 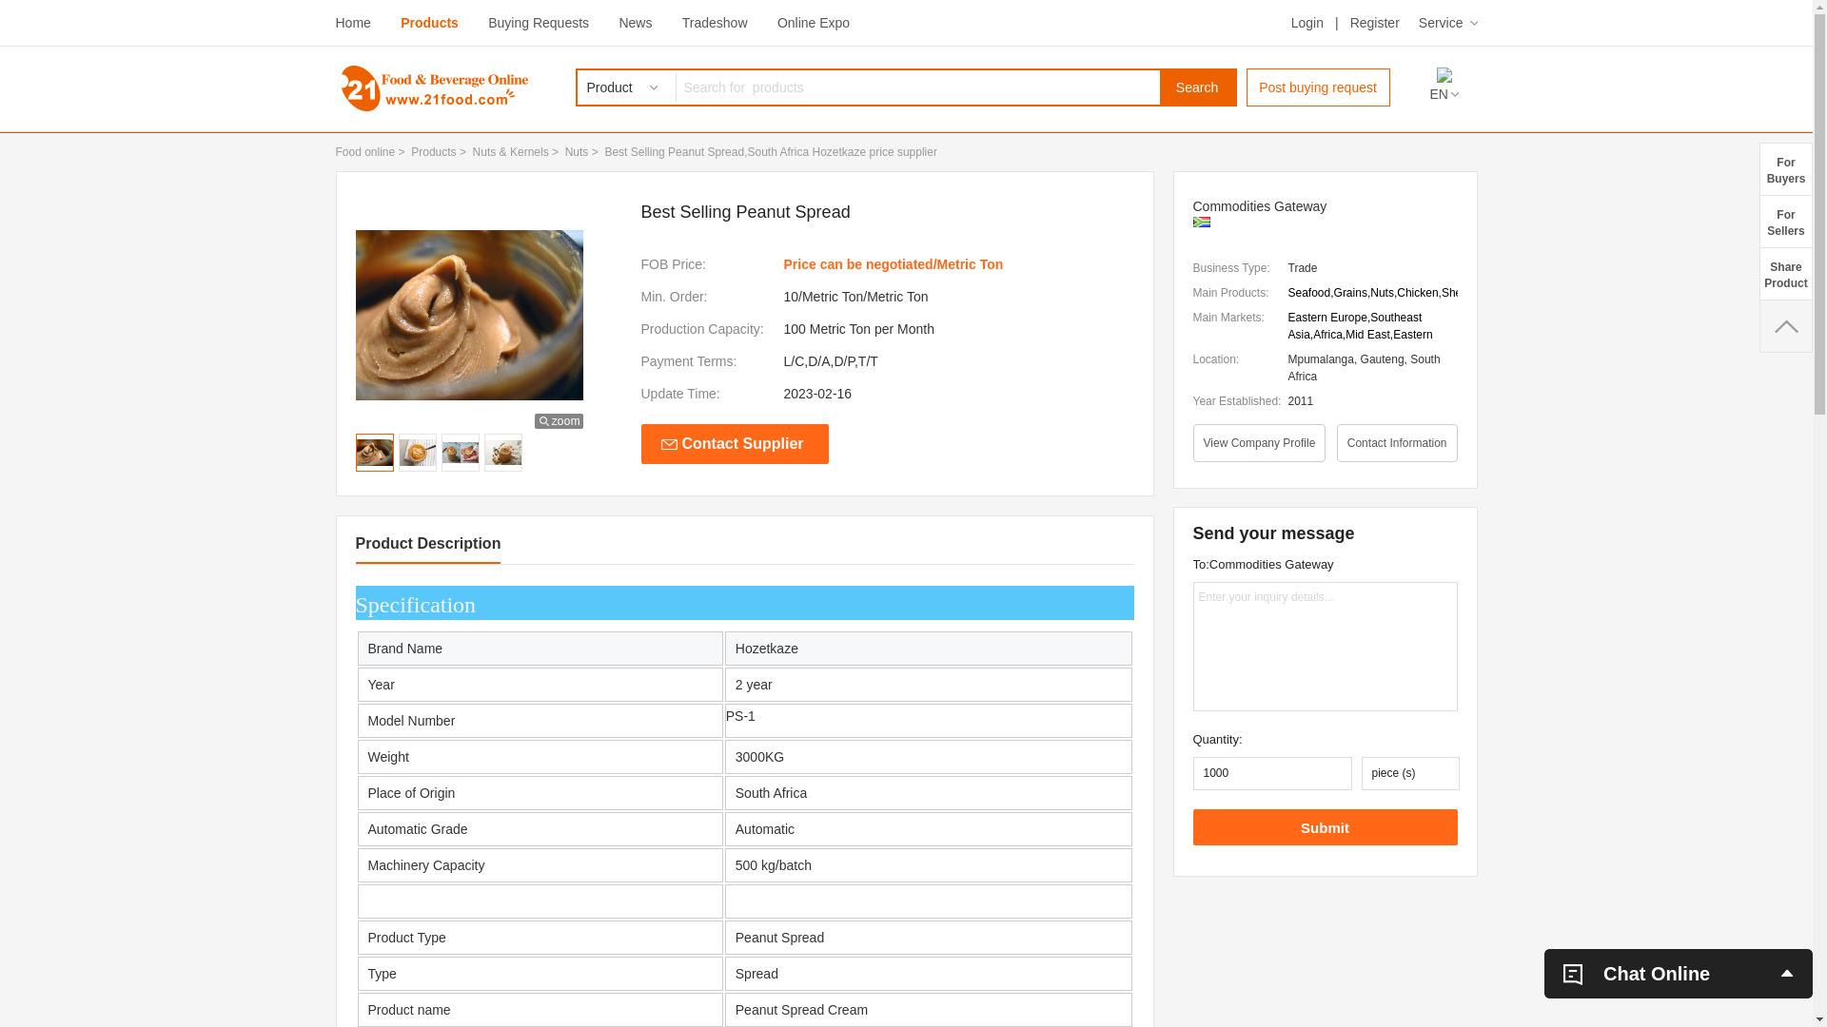 I want to click on 'Home', so click(x=352, y=22).